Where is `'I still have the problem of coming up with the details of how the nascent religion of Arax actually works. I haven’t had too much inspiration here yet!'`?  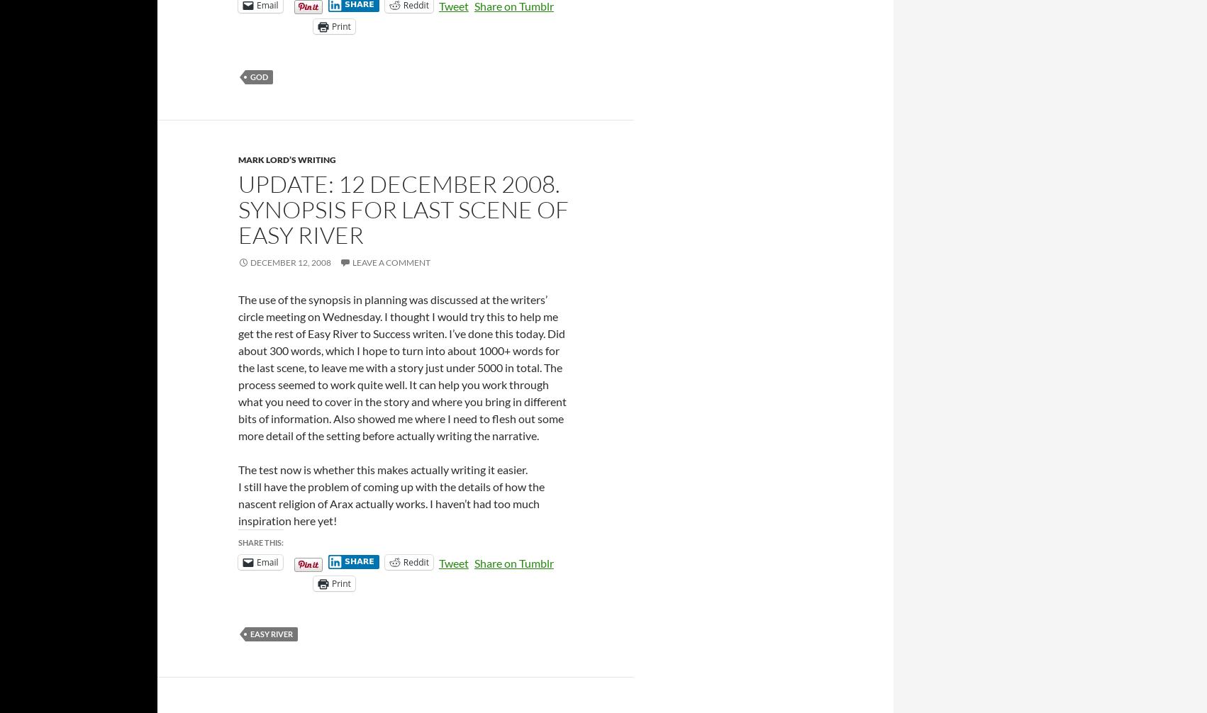 'I still have the problem of coming up with the details of how the nascent religion of Arax actually works. I haven’t had too much inspiration here yet!' is located at coordinates (390, 503).